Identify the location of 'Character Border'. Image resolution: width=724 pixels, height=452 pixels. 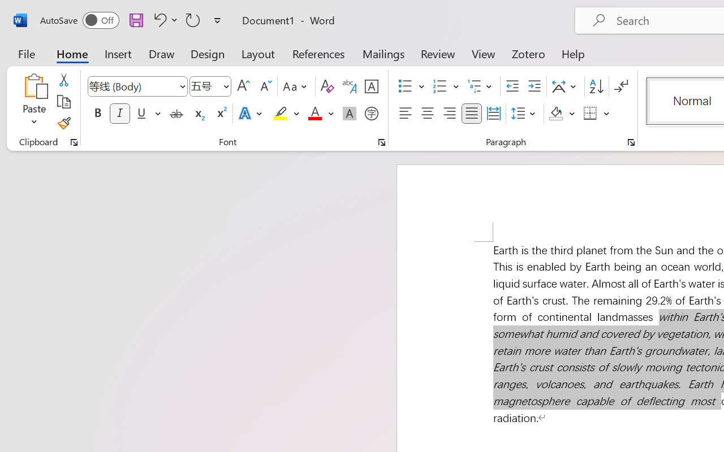
(371, 86).